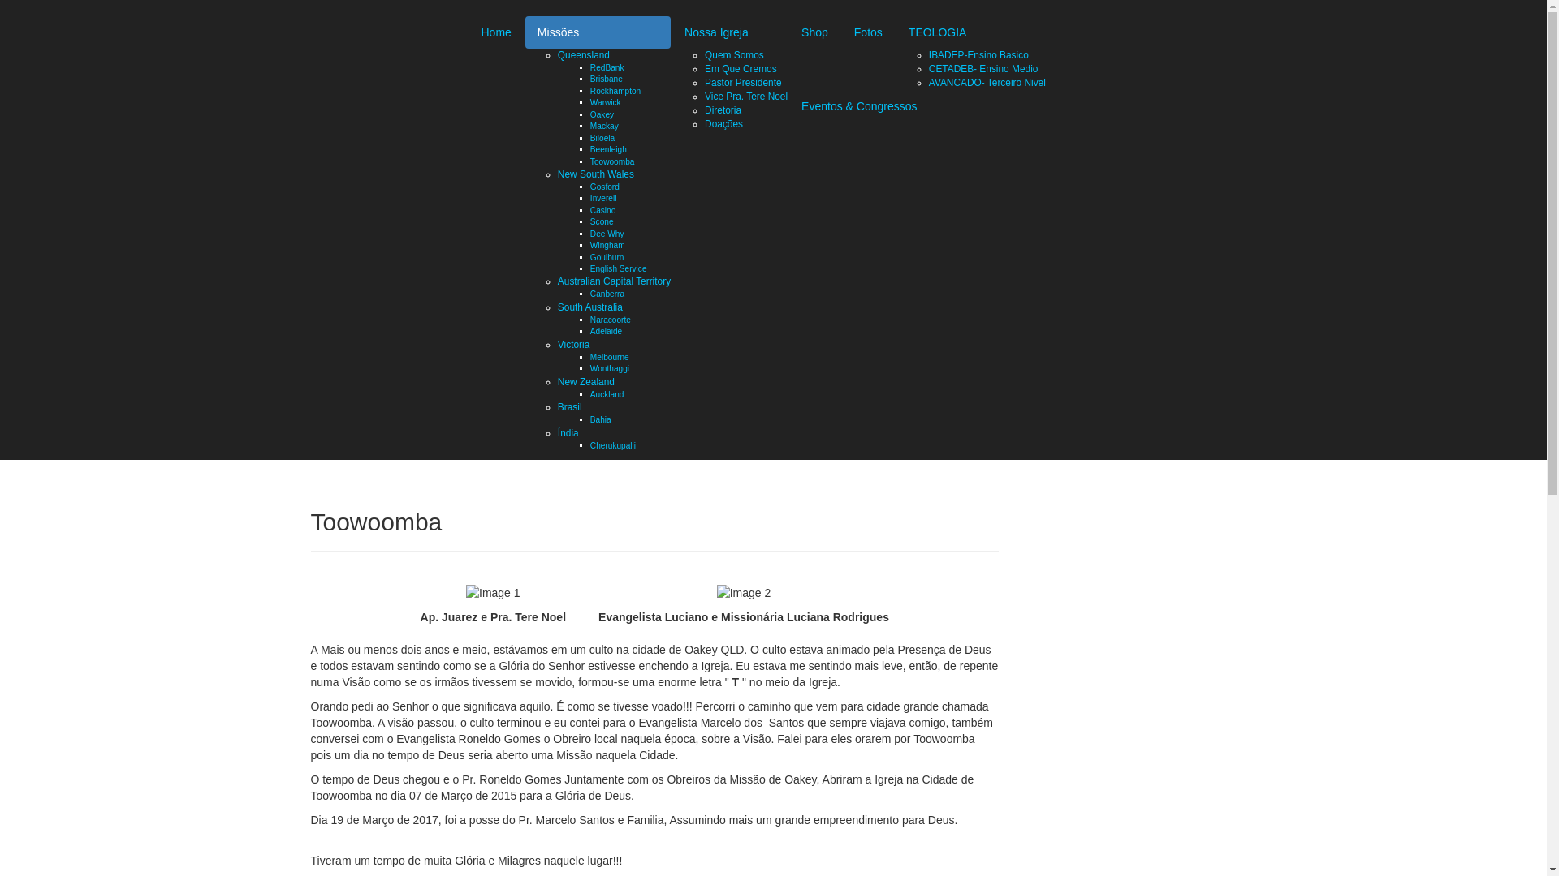 This screenshot has width=1559, height=876. Describe the element at coordinates (867, 32) in the screenshot. I see `'Fotos'` at that location.